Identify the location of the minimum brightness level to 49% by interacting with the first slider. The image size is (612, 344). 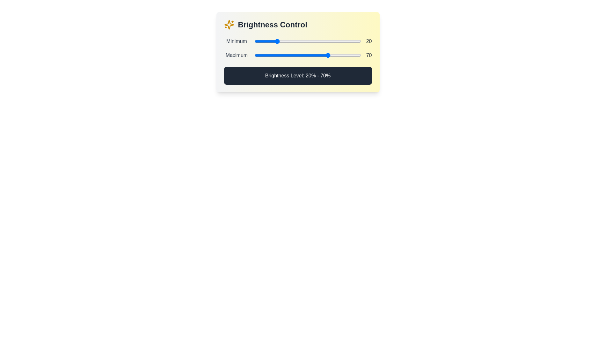
(307, 41).